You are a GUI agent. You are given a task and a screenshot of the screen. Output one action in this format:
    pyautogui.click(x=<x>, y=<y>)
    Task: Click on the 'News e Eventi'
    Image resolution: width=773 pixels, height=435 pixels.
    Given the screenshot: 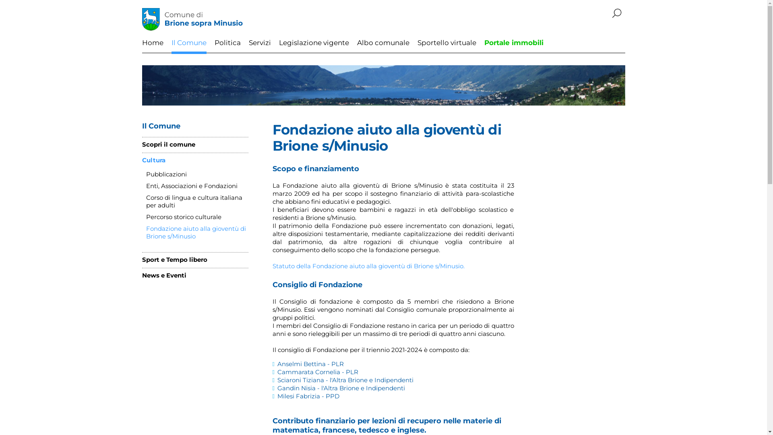 What is the action you would take?
    pyautogui.click(x=163, y=275)
    